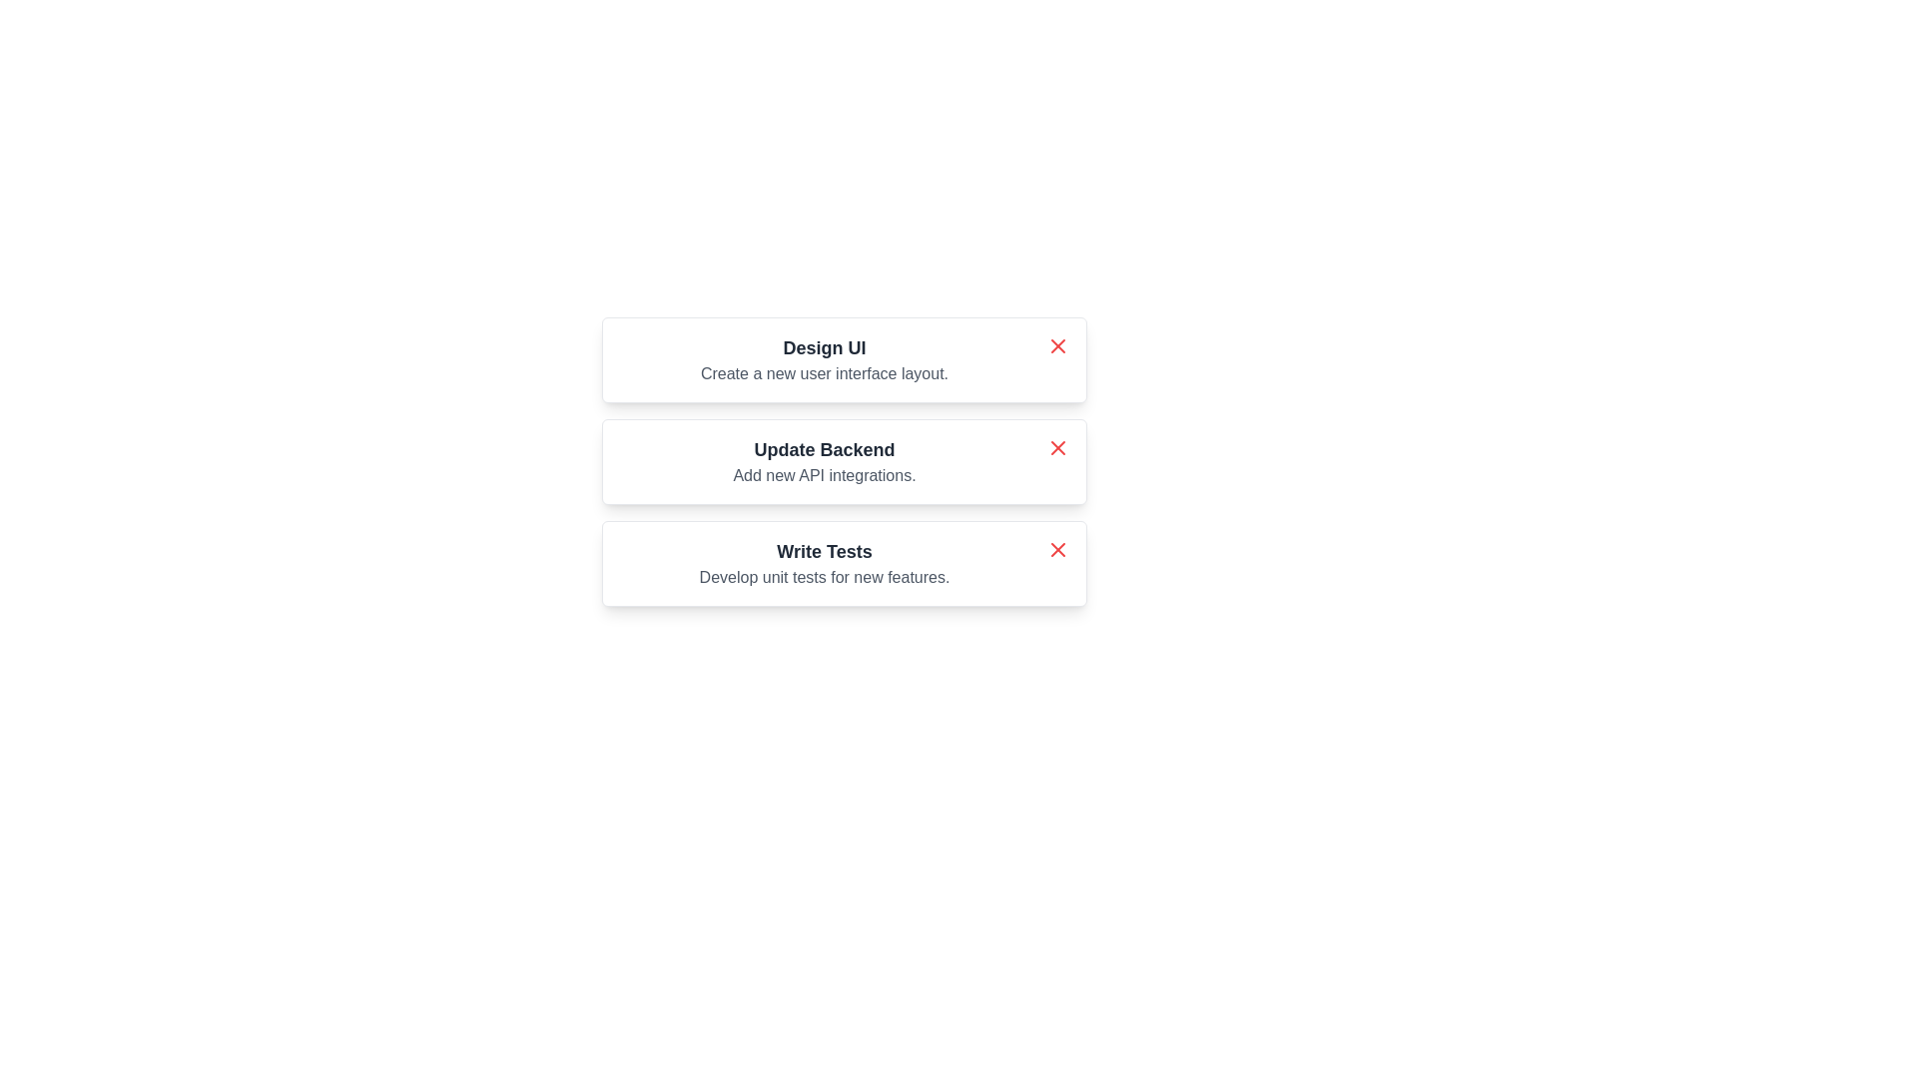 The height and width of the screenshot is (1078, 1917). What do you see at coordinates (1057, 446) in the screenshot?
I see `the red cross icon button located at the far-right edge of the card with the header 'Update Backend'` at bounding box center [1057, 446].